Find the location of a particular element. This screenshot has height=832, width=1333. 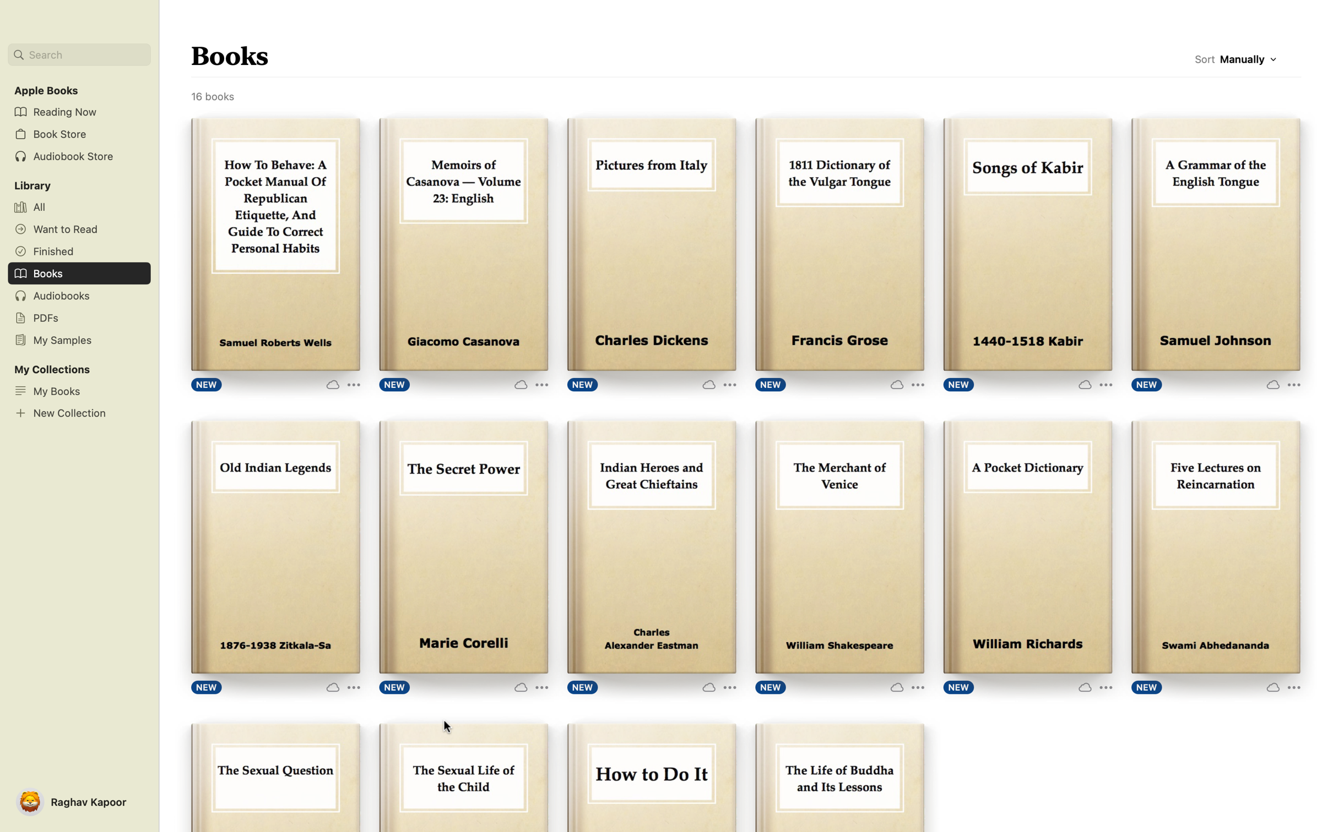

Organize the book names using the List View option is located at coordinates (1250, 61).